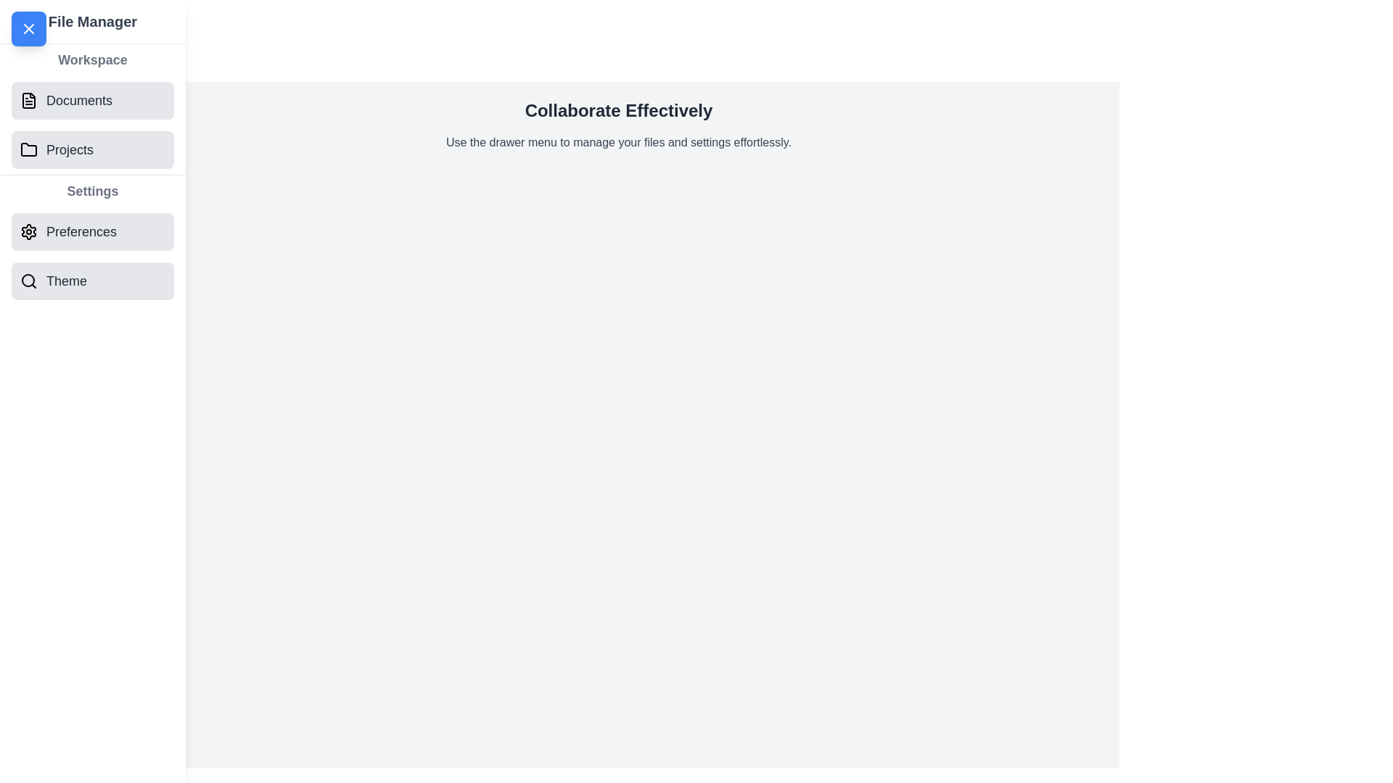 This screenshot has width=1393, height=783. What do you see at coordinates (92, 281) in the screenshot?
I see `the section Theme from the drawer menu` at bounding box center [92, 281].